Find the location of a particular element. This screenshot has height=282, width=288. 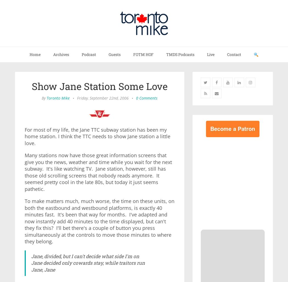

'Podcast' is located at coordinates (89, 54).